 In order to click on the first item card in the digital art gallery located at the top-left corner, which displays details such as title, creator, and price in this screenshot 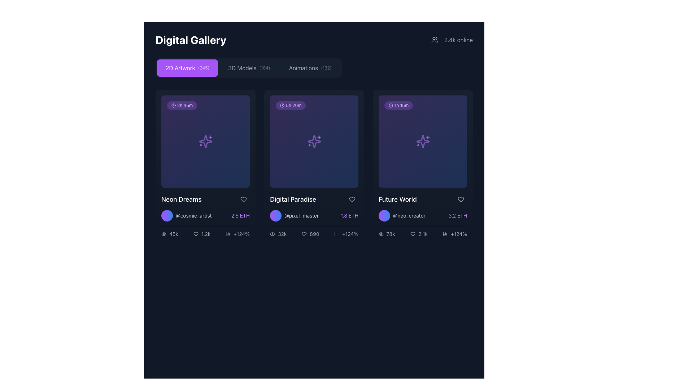, I will do `click(205, 166)`.